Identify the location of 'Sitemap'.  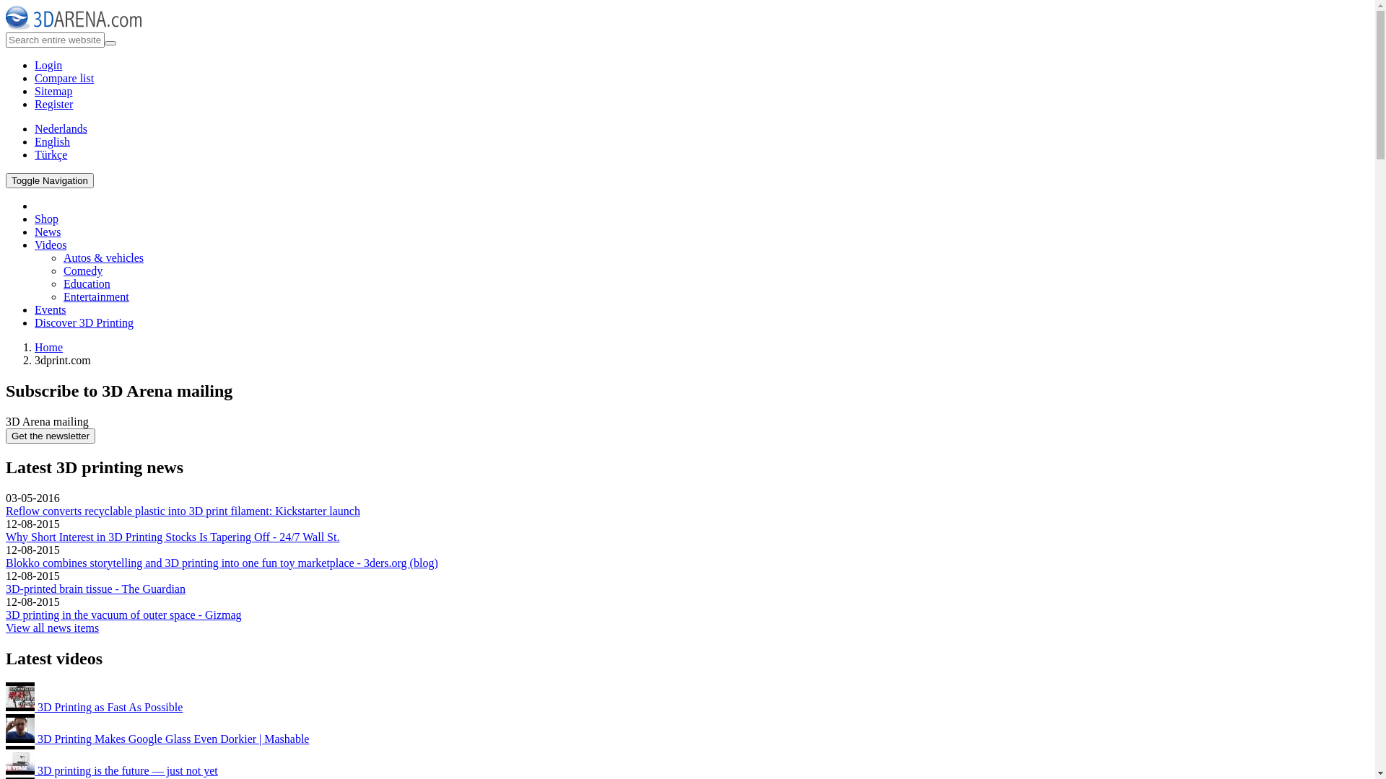
(53, 91).